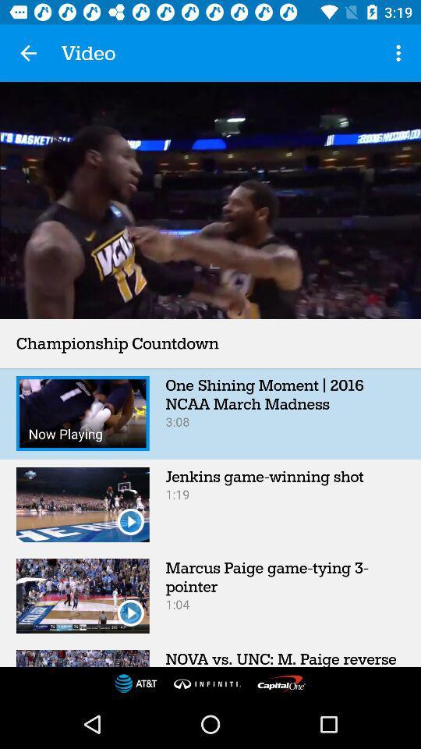 This screenshot has height=749, width=421. Describe the element at coordinates (28, 53) in the screenshot. I see `app to the left of video item` at that location.